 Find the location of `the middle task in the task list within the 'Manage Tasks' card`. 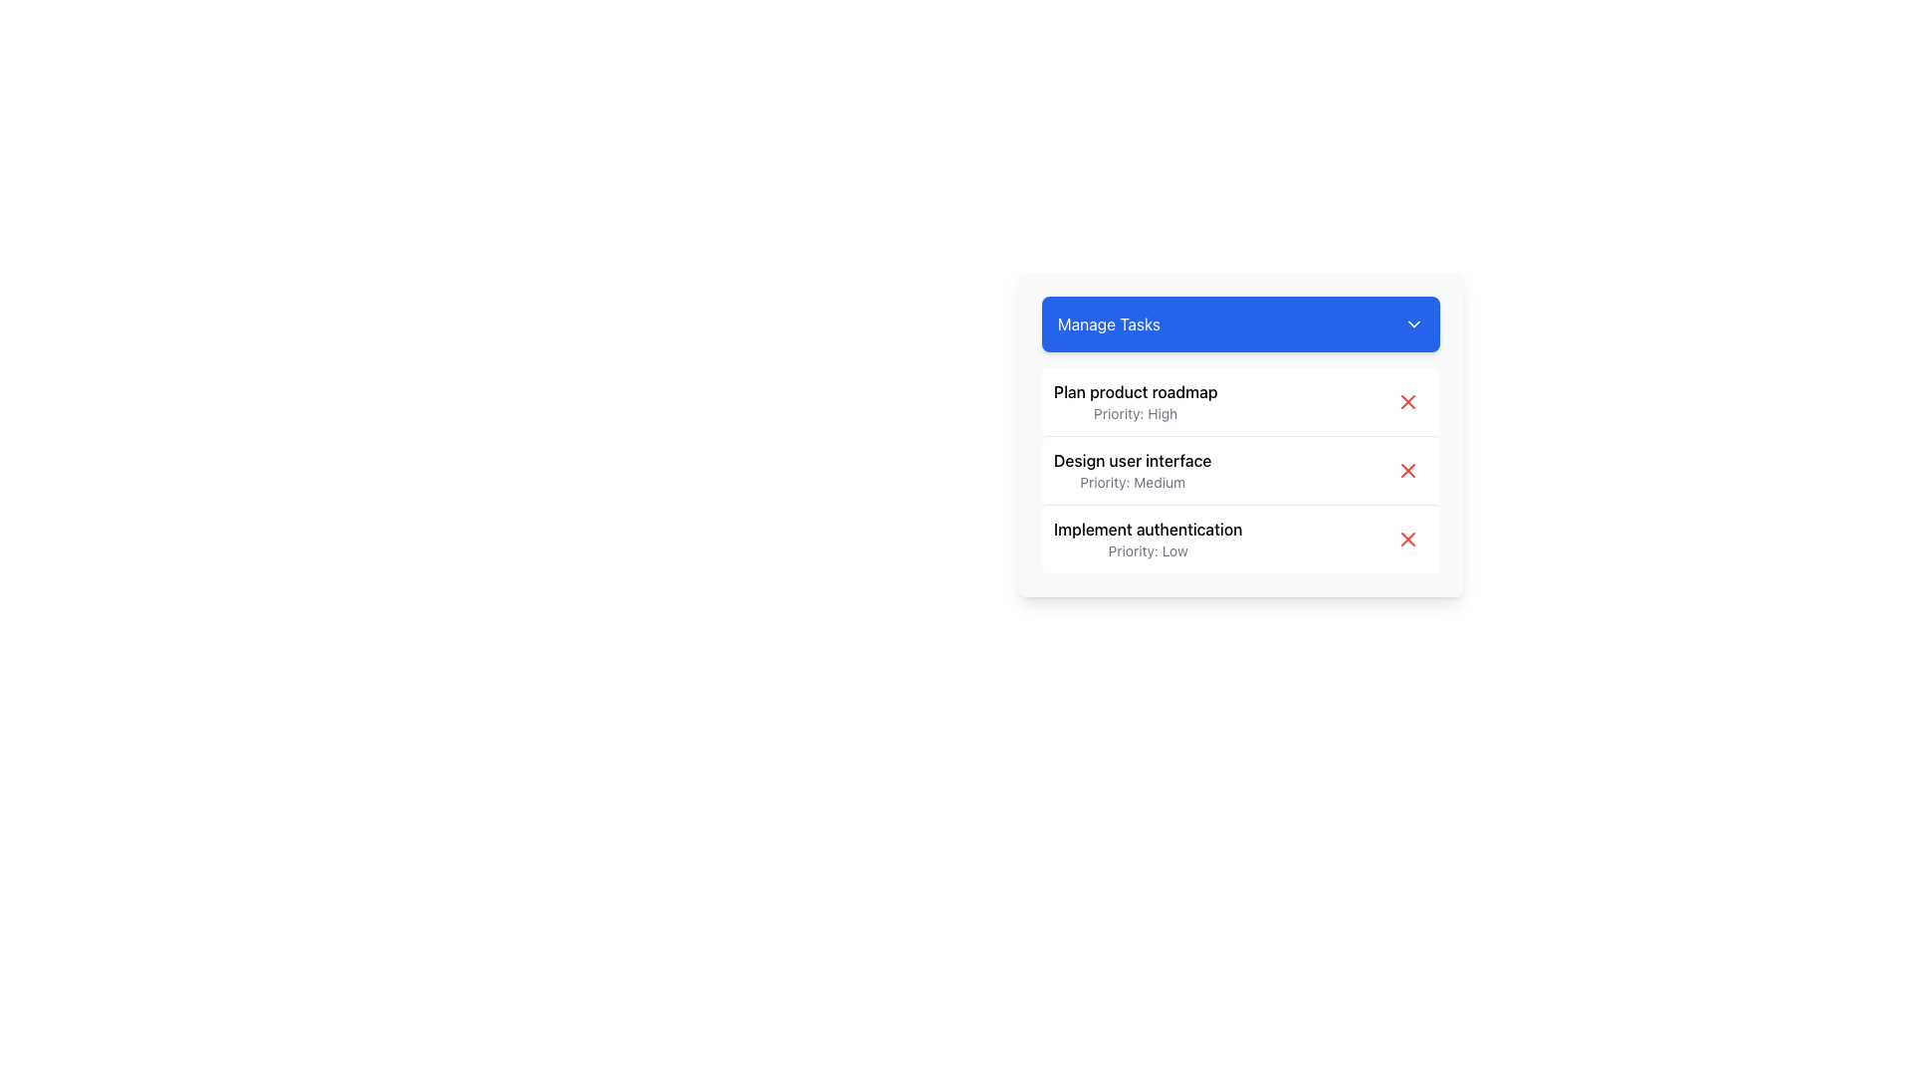

the middle task in the task list within the 'Manage Tasks' card is located at coordinates (1240, 471).